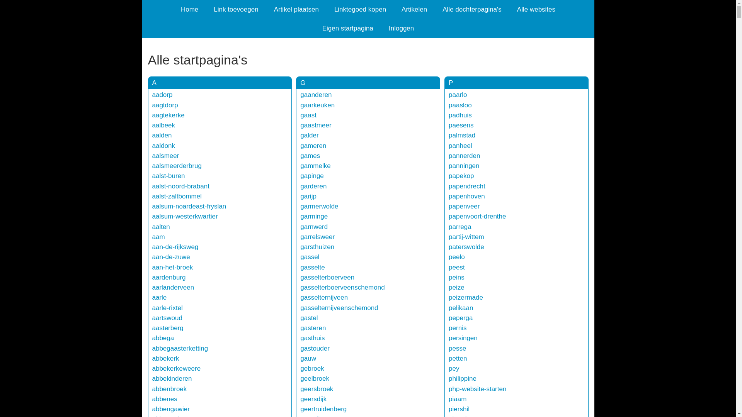  I want to click on 'pannerden', so click(464, 156).